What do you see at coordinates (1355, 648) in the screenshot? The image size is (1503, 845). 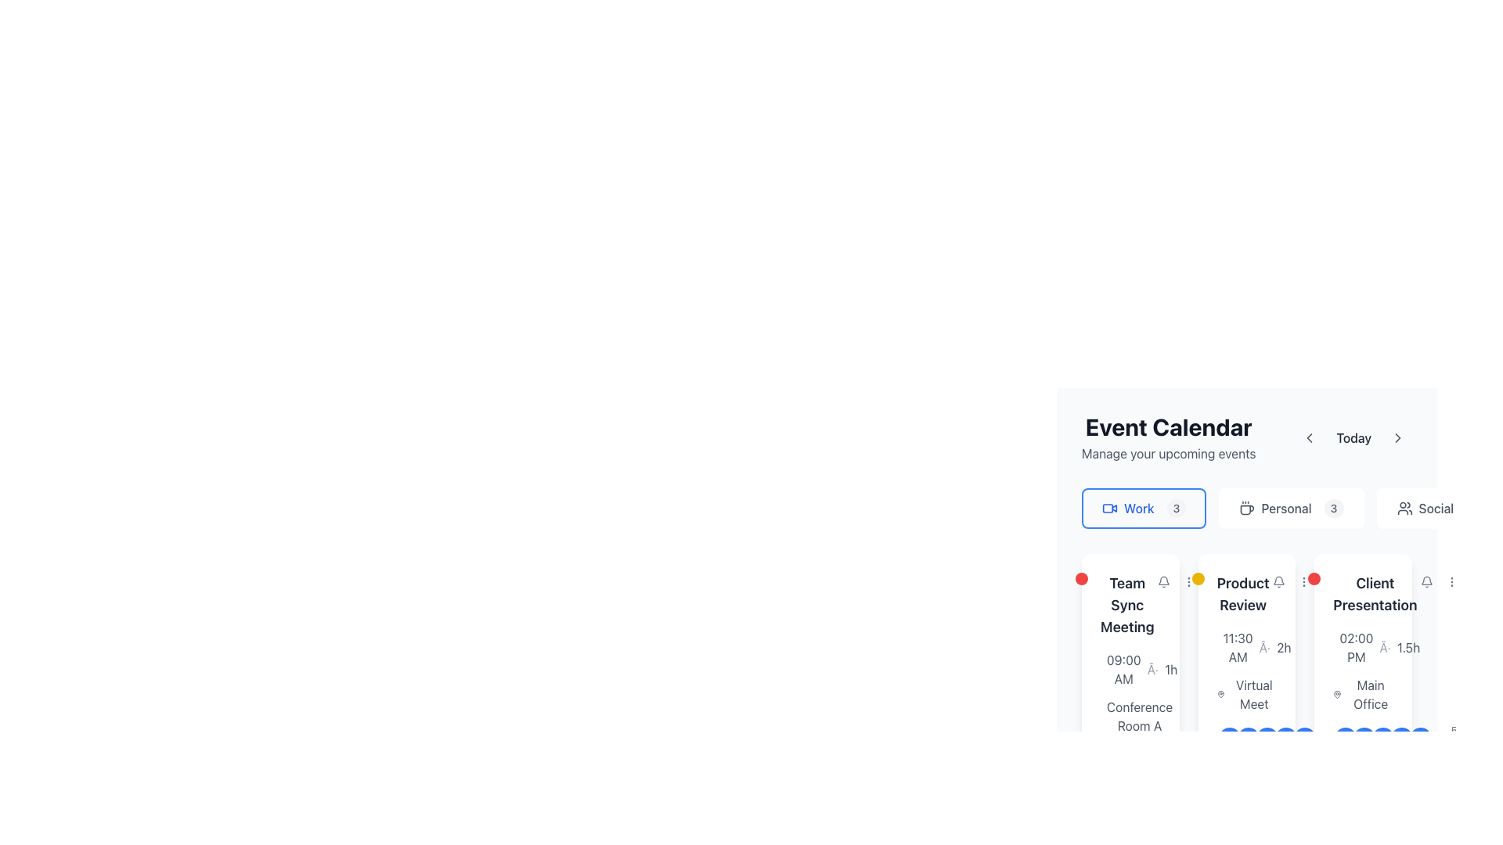 I see `static text displaying the time '02:00 PM', which is styled in dark gray and presented in two lines within the 'Event Calendar' interface` at bounding box center [1355, 648].